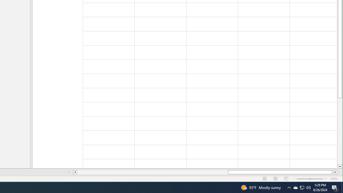 This screenshot has height=193, width=343. I want to click on 'Page down', so click(340, 131).